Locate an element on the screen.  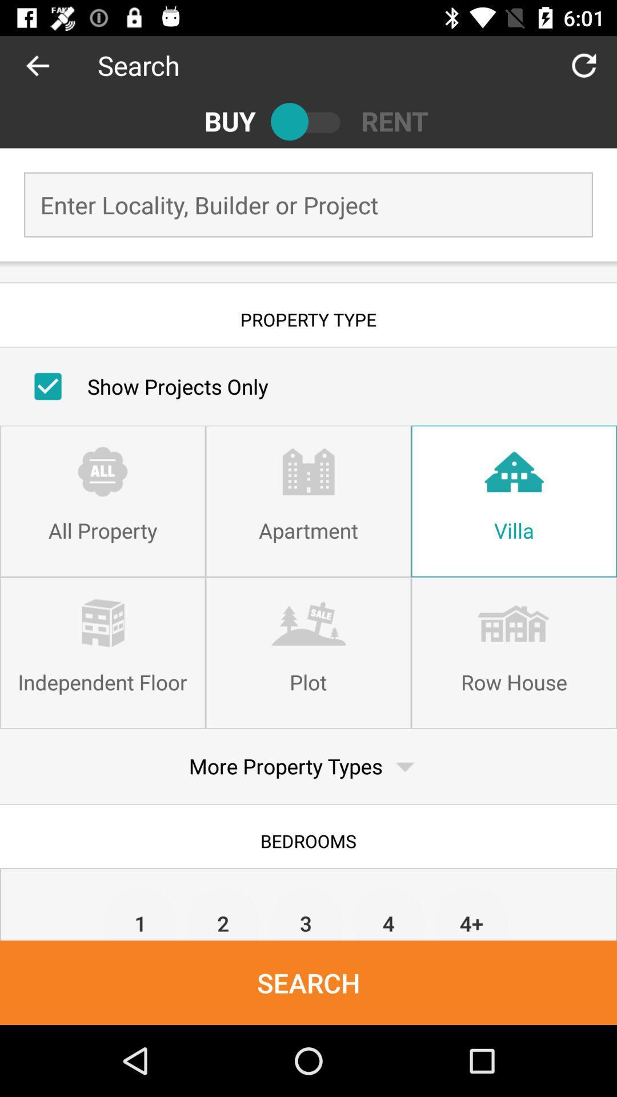
the icon above the search item is located at coordinates (223, 912).